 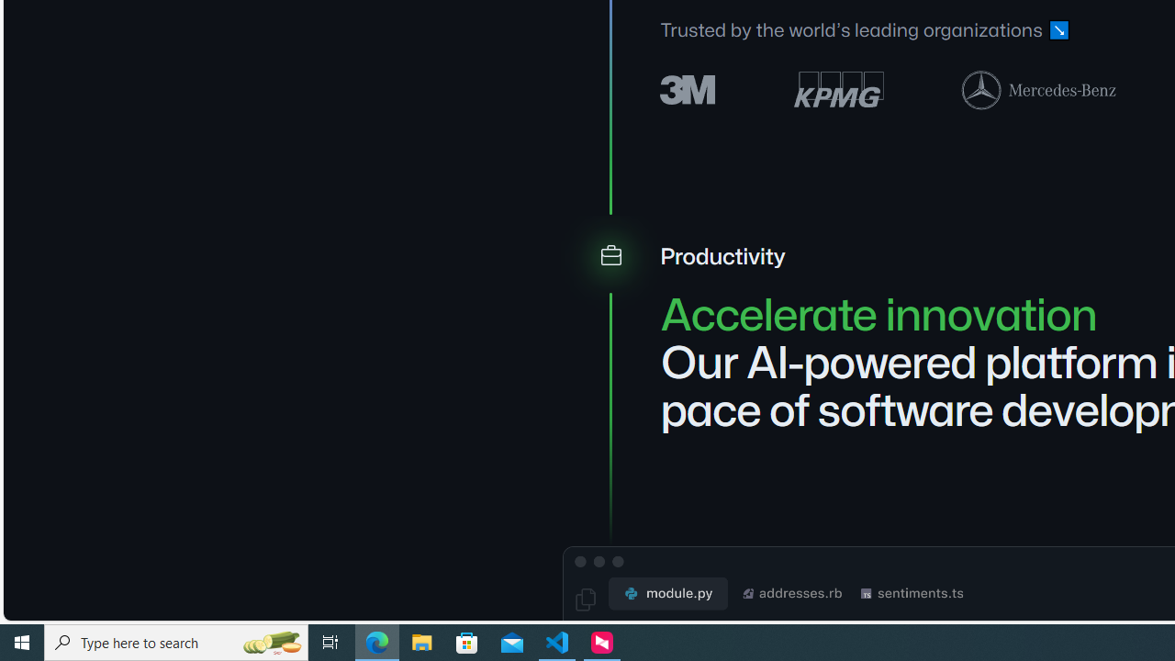 I want to click on 'Search highlights icon opens search home window', so click(x=270, y=641).